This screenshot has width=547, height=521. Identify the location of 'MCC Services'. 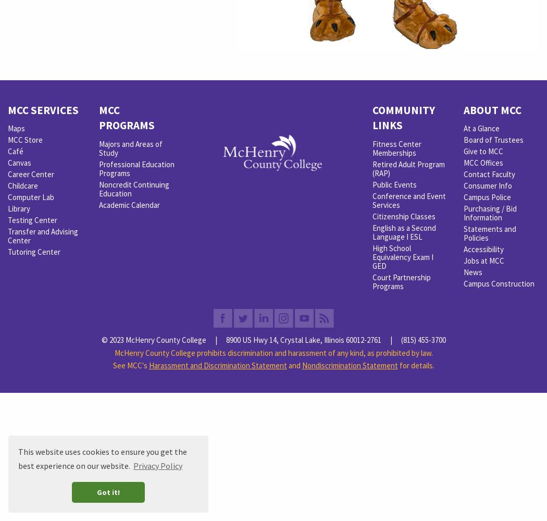
(43, 109).